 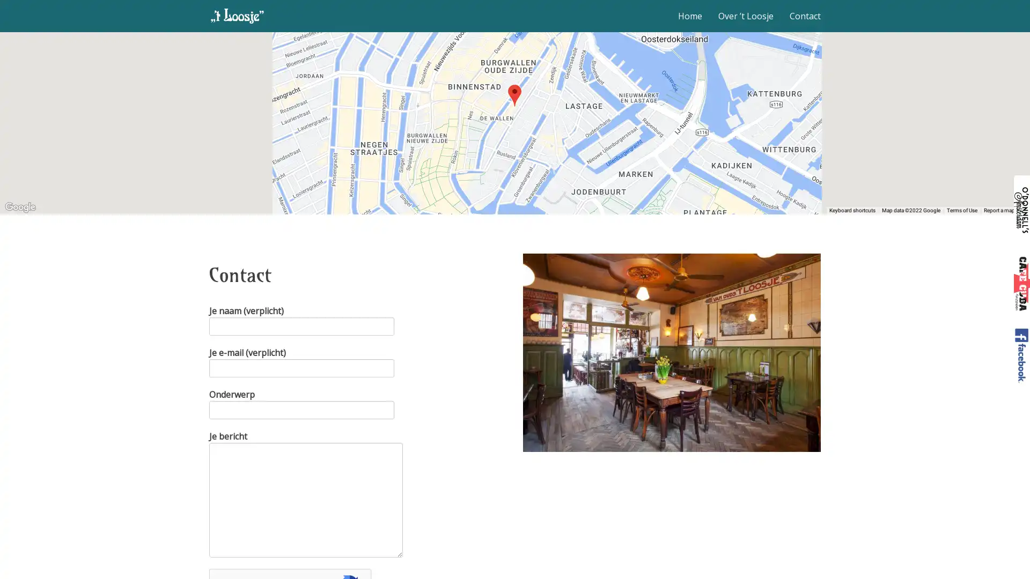 I want to click on Keyboard shortcuts, so click(x=851, y=211).